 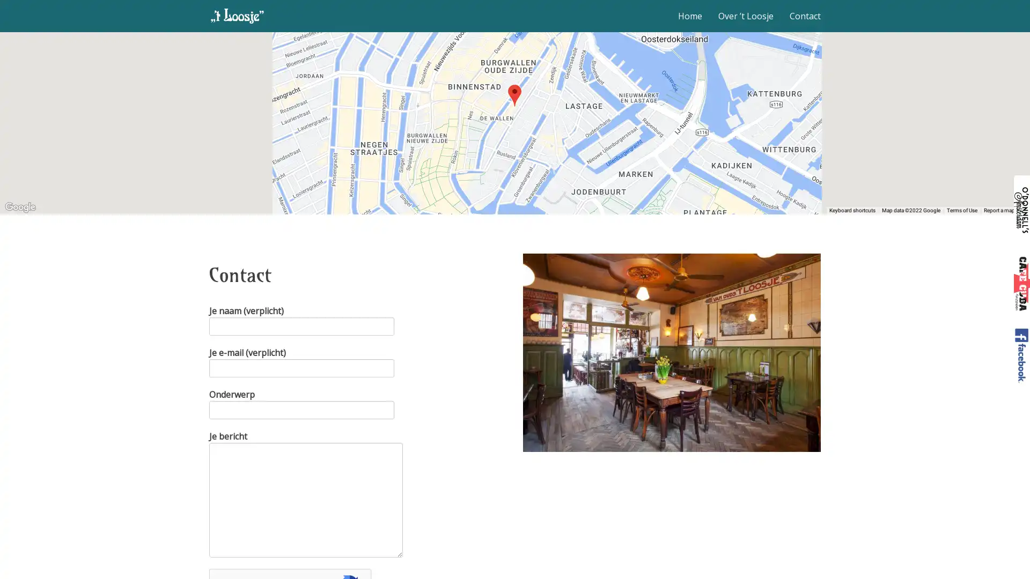 I want to click on Keyboard shortcuts, so click(x=851, y=211).